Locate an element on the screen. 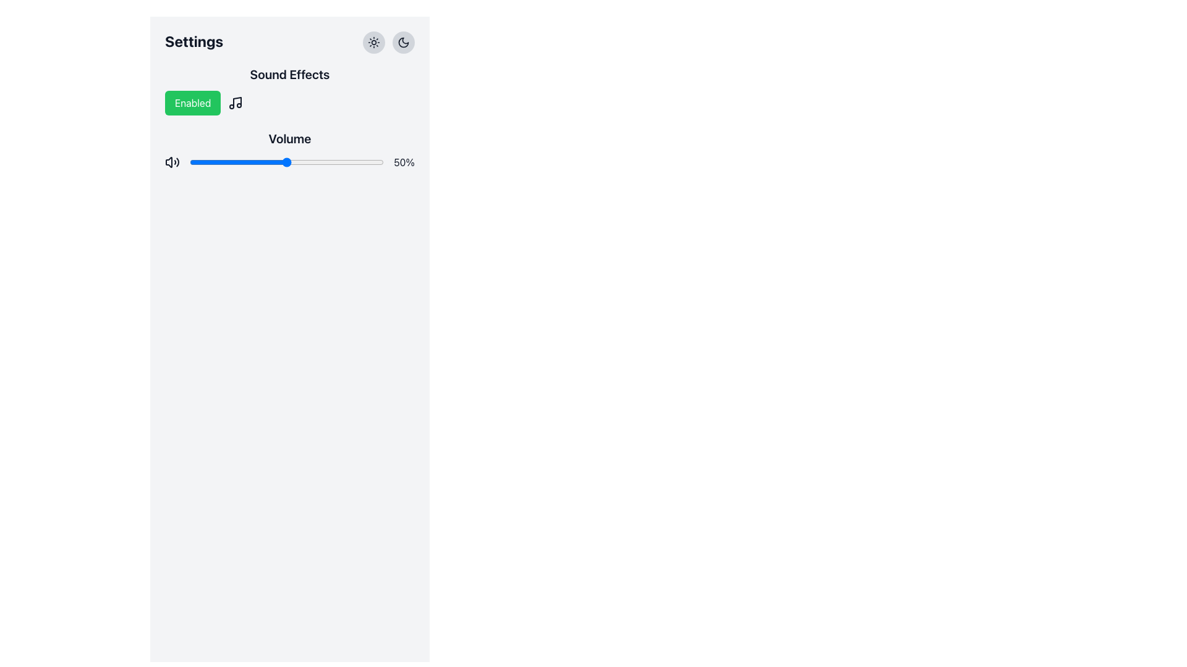 The width and height of the screenshot is (1187, 667). the slider is located at coordinates (327, 161).